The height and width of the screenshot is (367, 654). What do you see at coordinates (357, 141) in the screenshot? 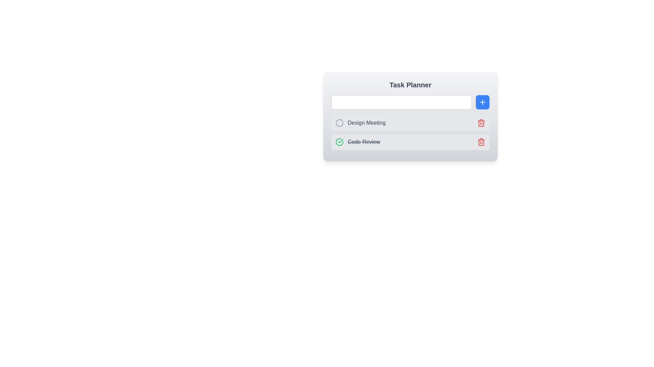
I see `the strikethrough style of the text label 'Code Review' in the 'Task Planner' section, indicating a completed task` at bounding box center [357, 141].